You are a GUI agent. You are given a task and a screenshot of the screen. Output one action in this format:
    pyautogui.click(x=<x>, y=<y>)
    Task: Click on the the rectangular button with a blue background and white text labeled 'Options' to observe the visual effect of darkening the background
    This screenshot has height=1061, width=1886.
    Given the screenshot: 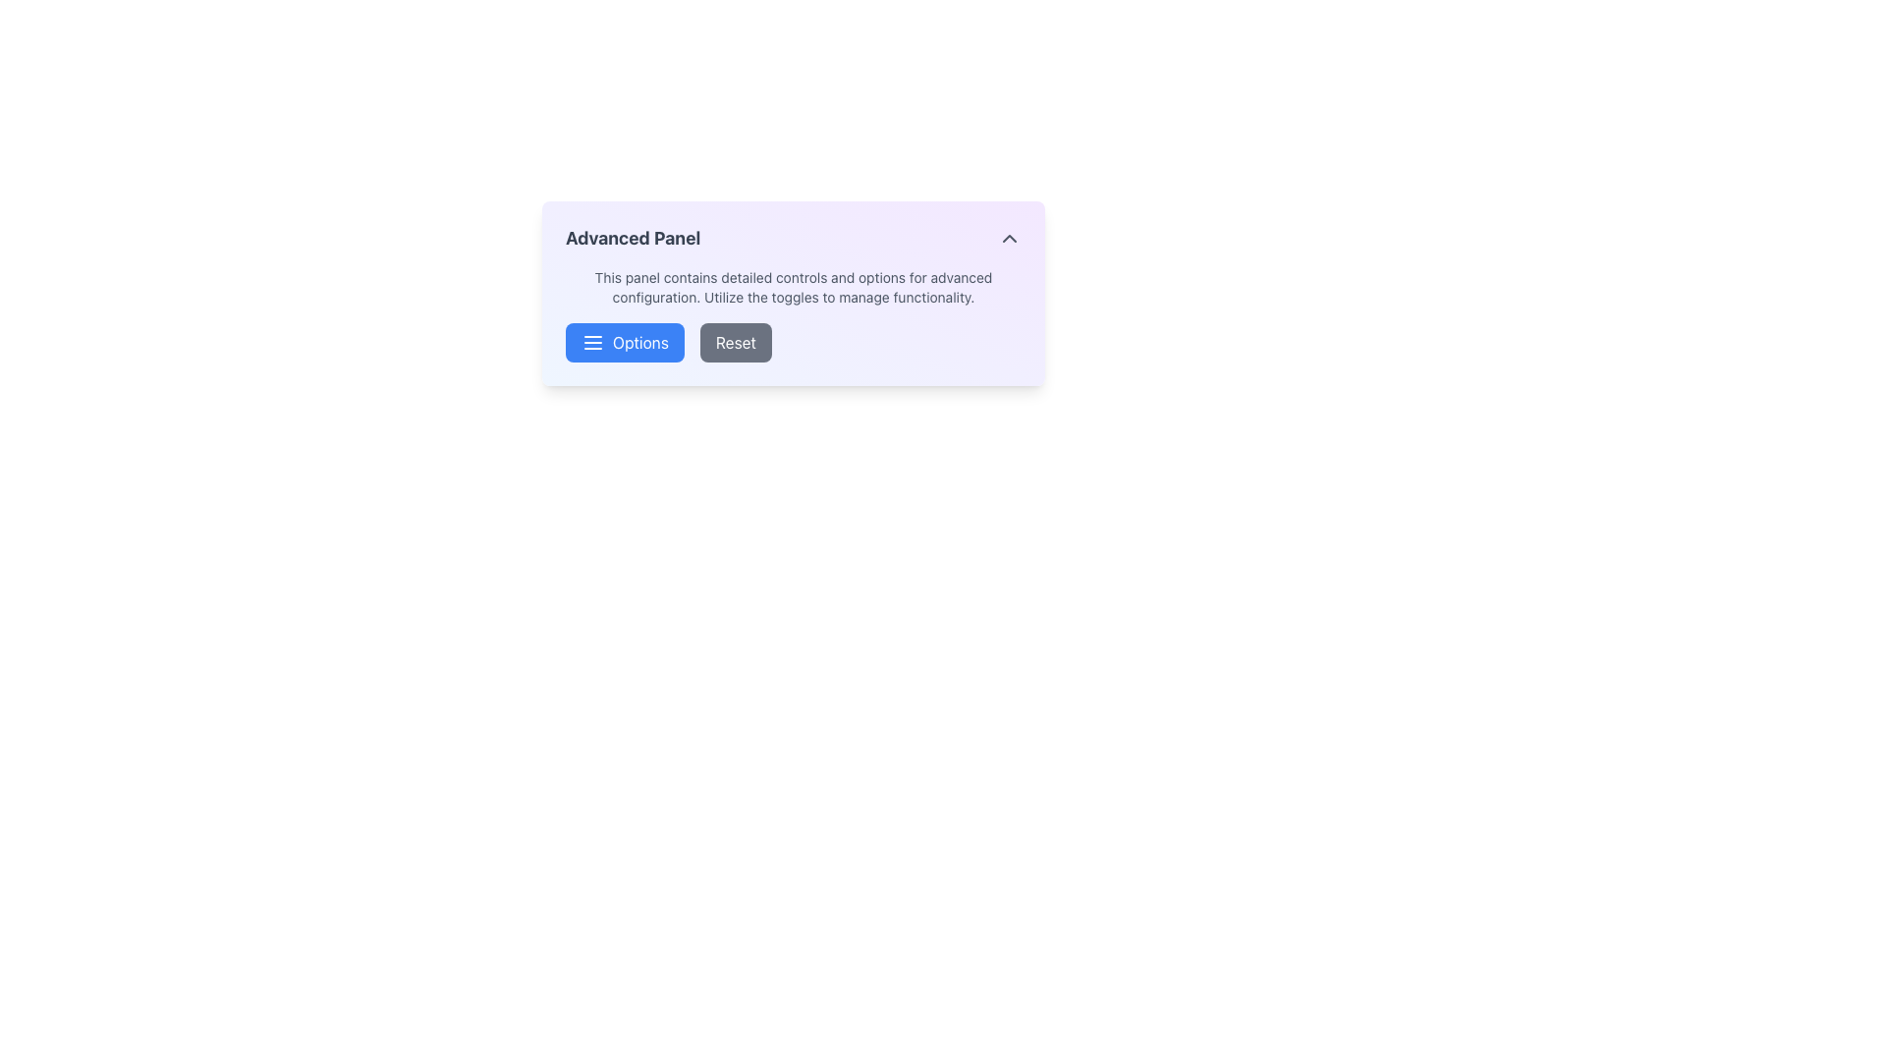 What is the action you would take?
    pyautogui.click(x=624, y=341)
    